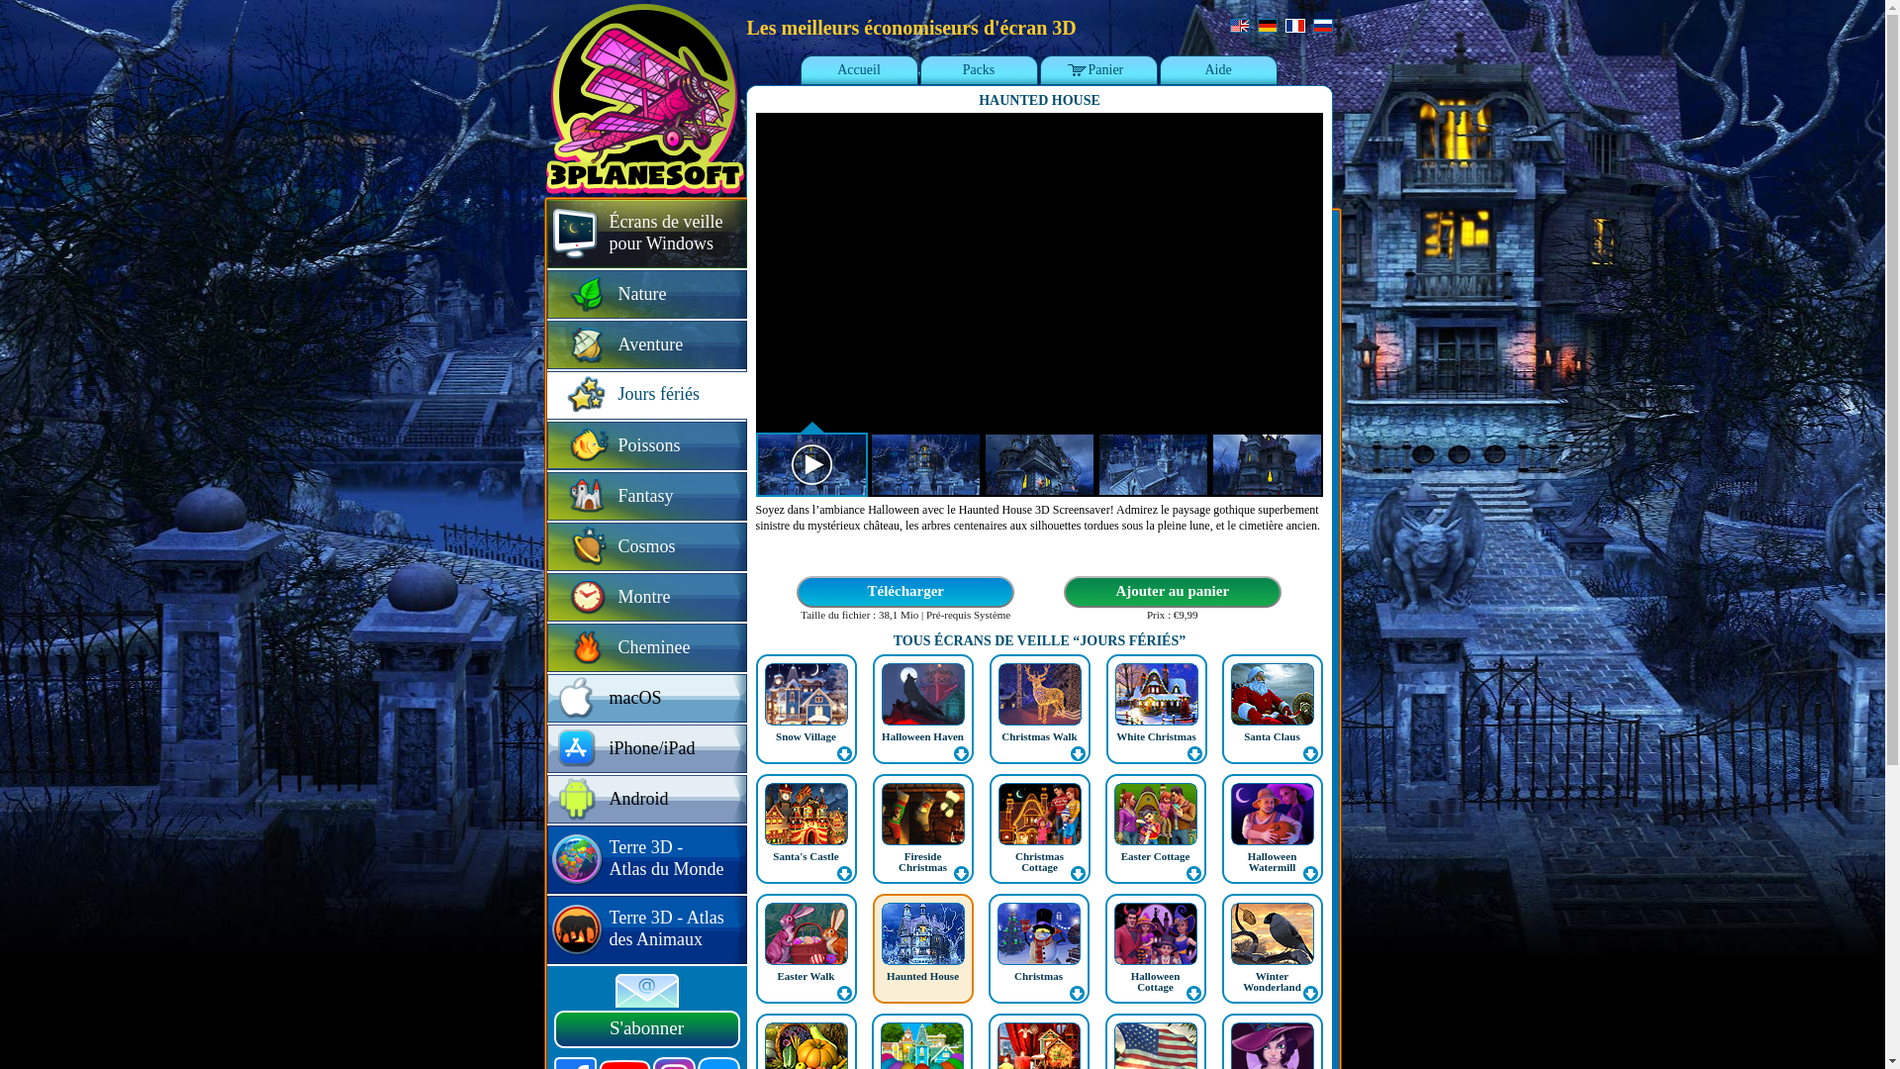  I want to click on 'Subscribe', so click(615, 991).